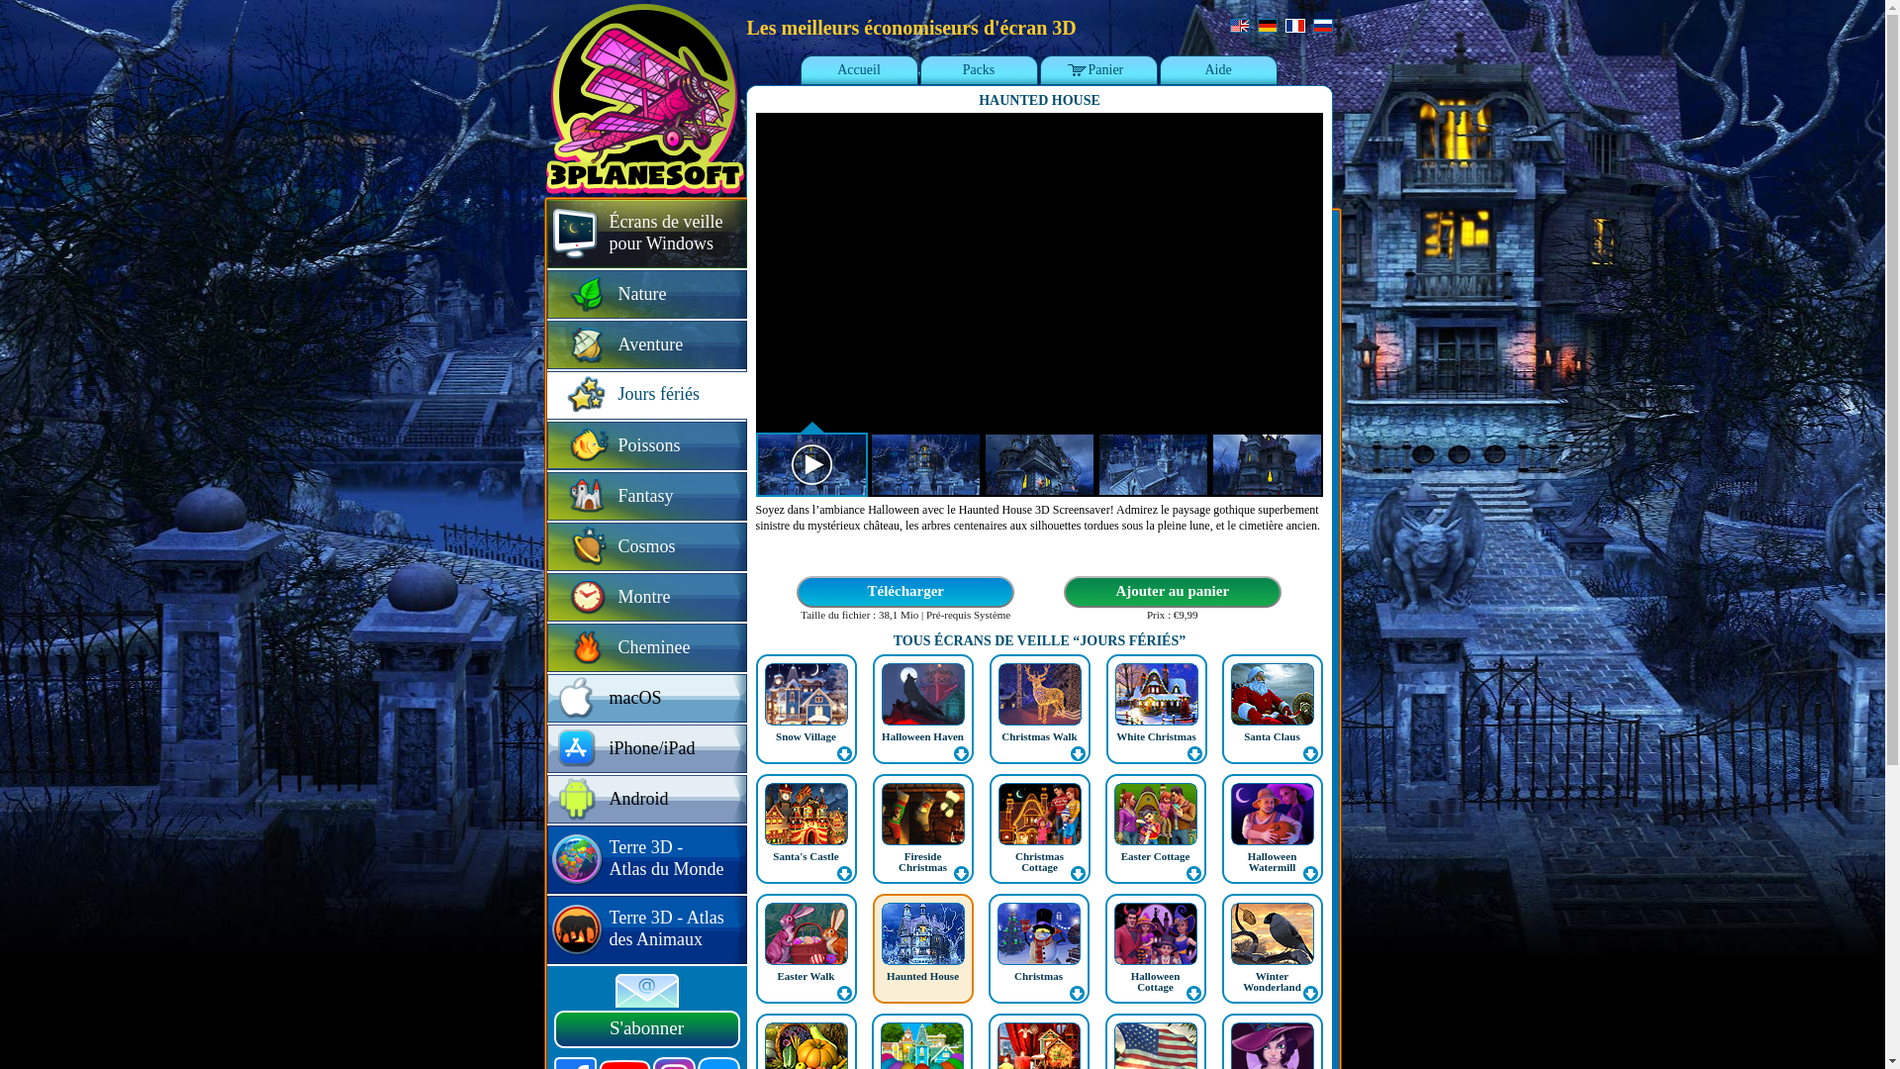  I want to click on 'Subscribe', so click(615, 991).